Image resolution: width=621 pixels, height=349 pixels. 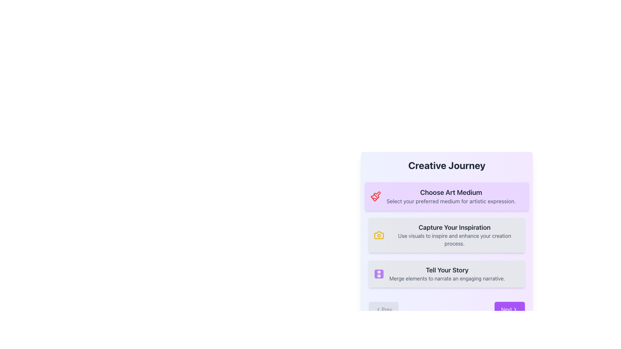 What do you see at coordinates (454, 227) in the screenshot?
I see `the Static Text (Header) element displaying 'Capture Your Inspiration', which is styled in bold, dark gray font and centered within a light gray background` at bounding box center [454, 227].